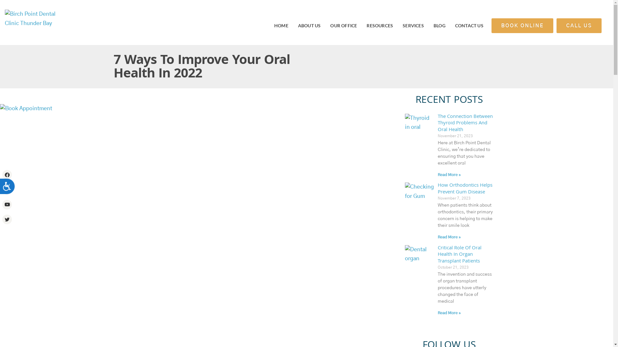  I want to click on 'HOME', so click(281, 25).